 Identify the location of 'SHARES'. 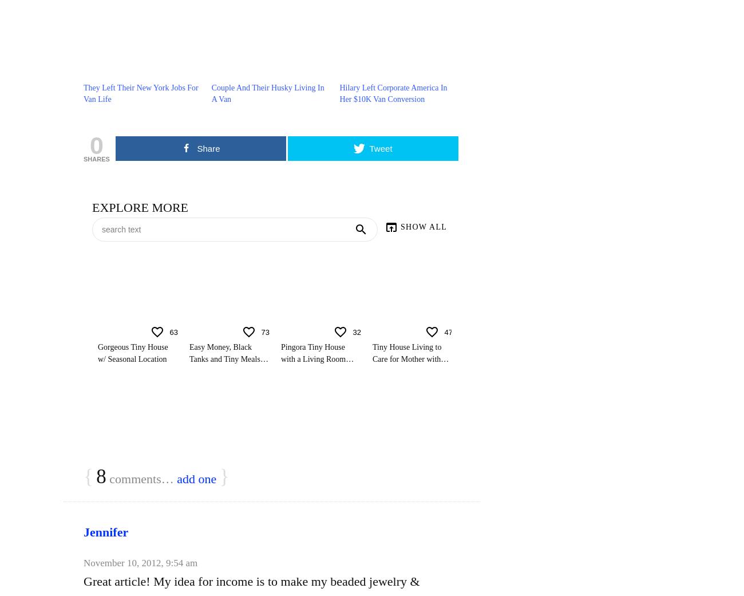
(96, 159).